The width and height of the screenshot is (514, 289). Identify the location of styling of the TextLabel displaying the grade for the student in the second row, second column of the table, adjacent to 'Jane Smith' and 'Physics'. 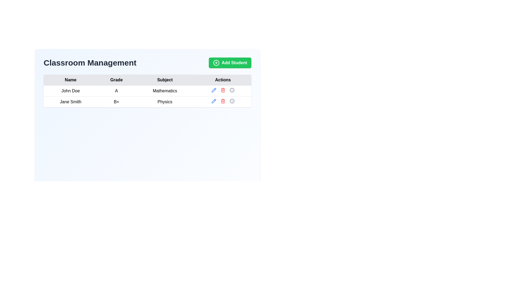
(116, 102).